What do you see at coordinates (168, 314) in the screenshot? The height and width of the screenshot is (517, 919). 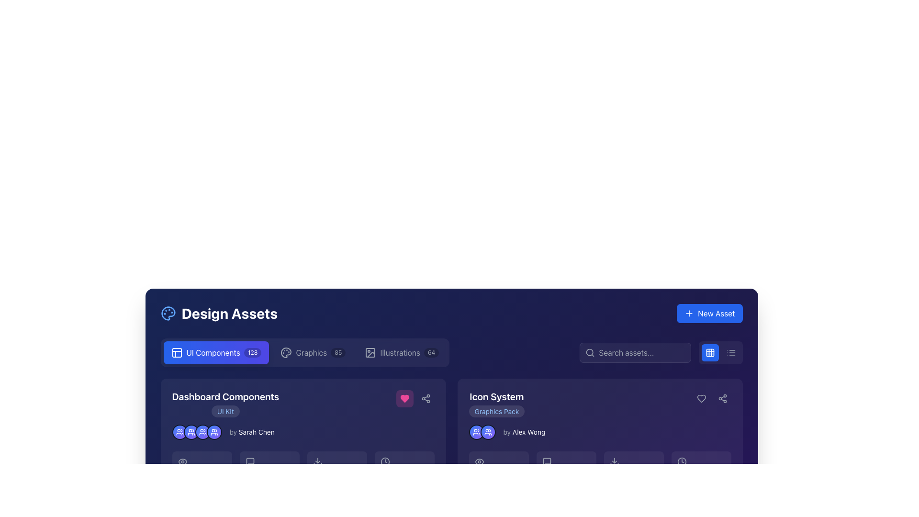 I see `the blue palette icon, which is circular with smaller circles inside, located to the left of the 'Design Assets' text` at bounding box center [168, 314].